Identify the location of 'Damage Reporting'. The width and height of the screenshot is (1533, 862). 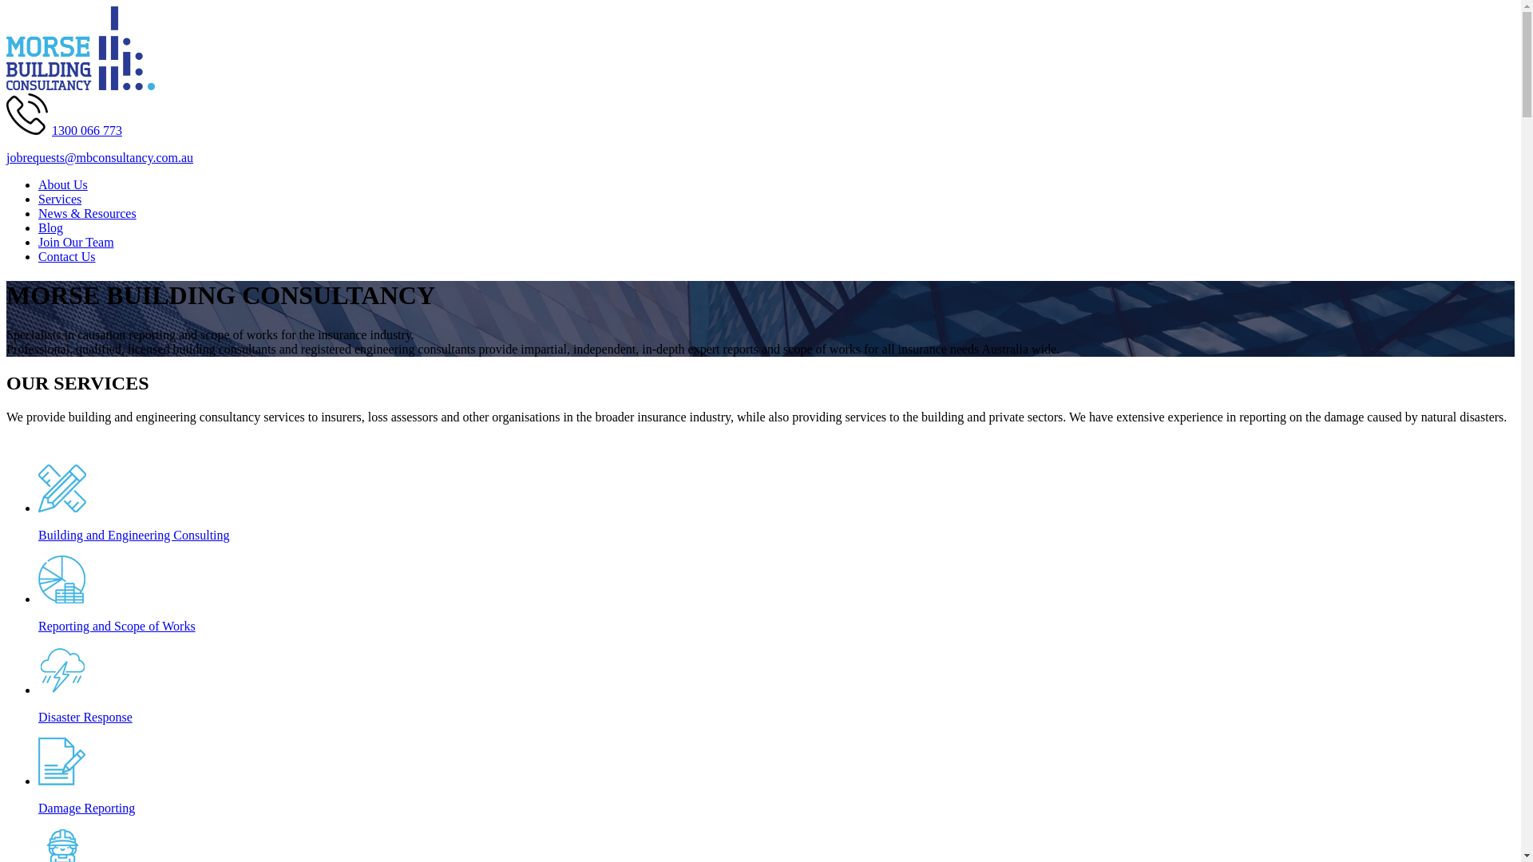
(776, 794).